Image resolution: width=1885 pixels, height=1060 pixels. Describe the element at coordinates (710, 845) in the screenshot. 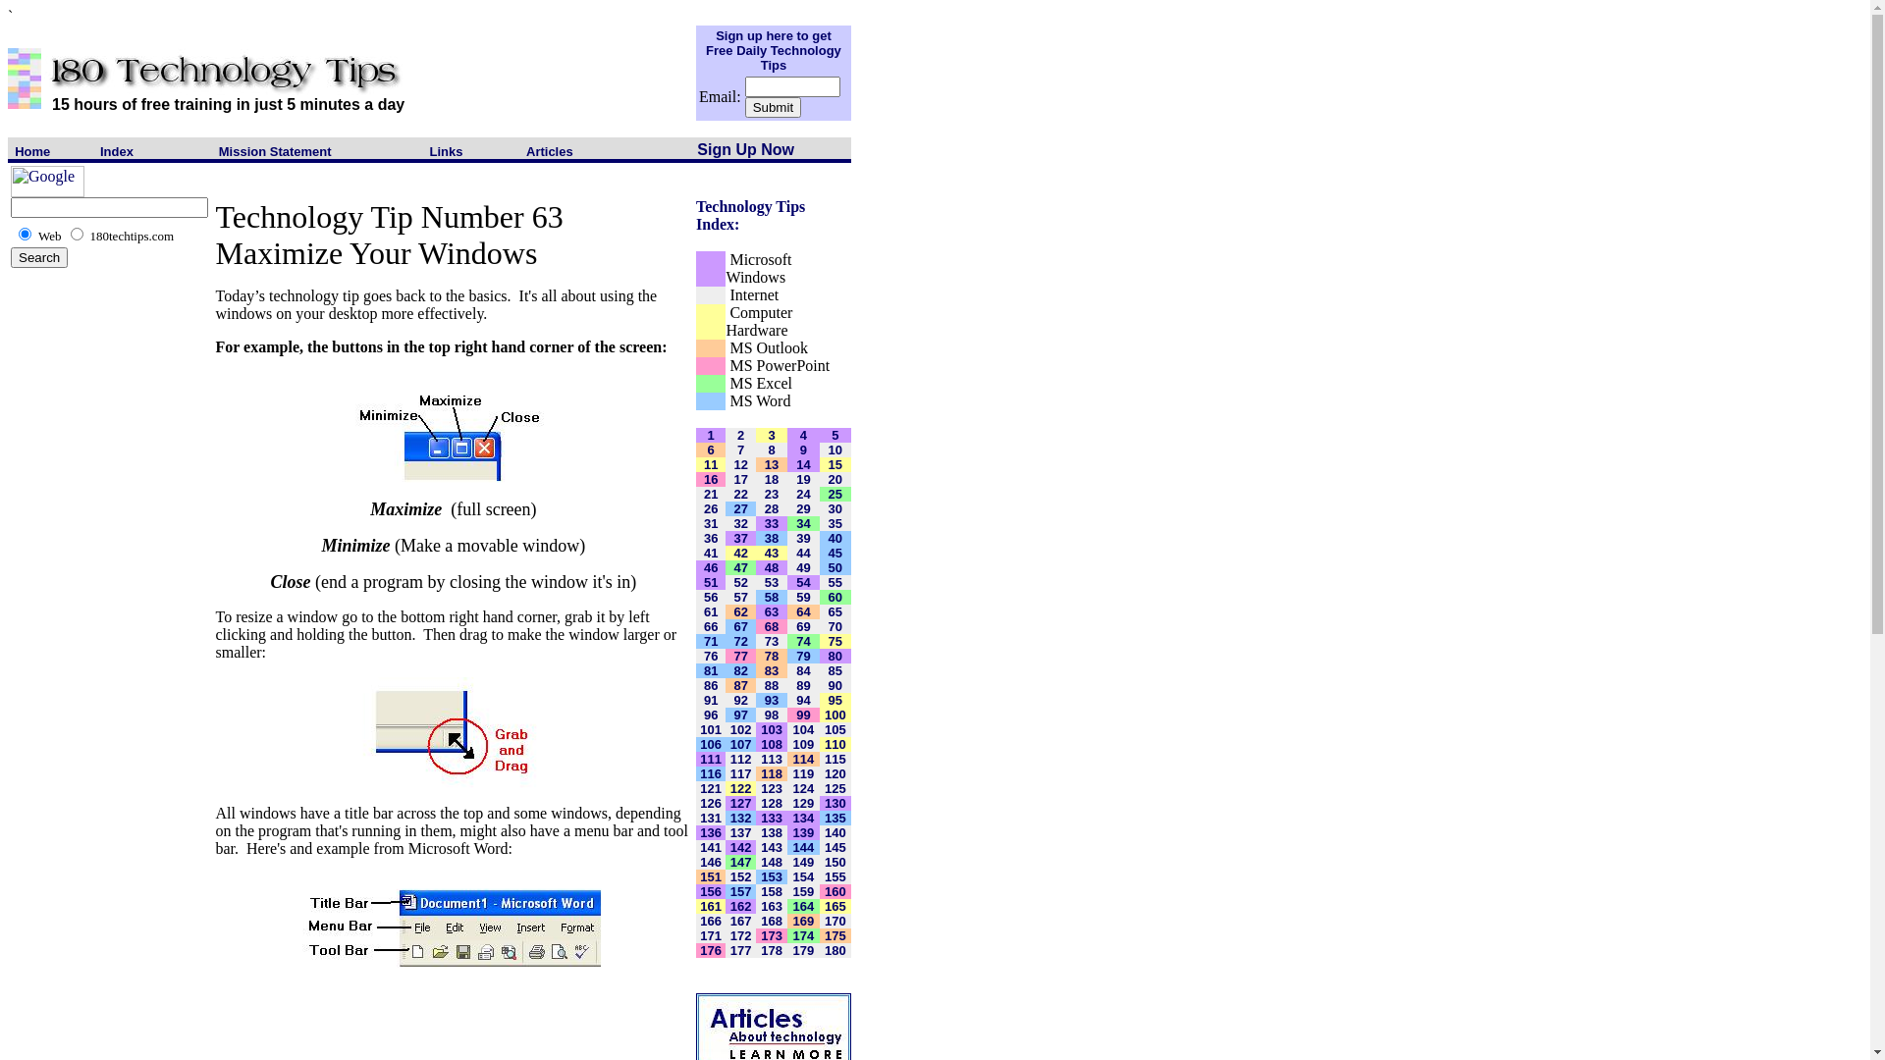

I see `'141'` at that location.